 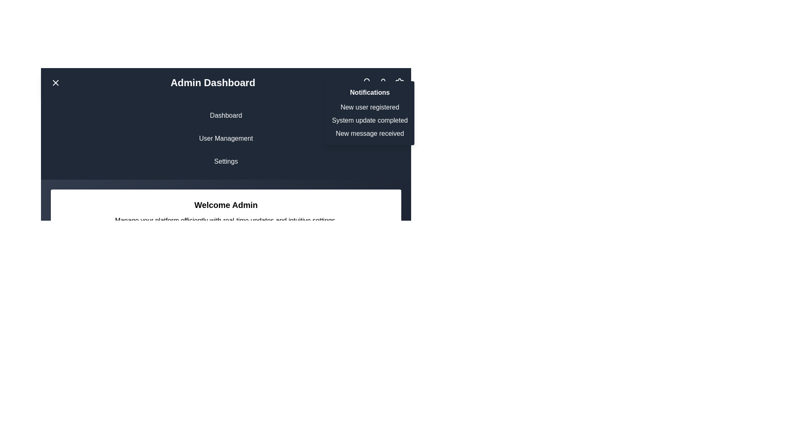 What do you see at coordinates (366, 82) in the screenshot?
I see `the bell icon to toggle the notification panel visibility` at bounding box center [366, 82].